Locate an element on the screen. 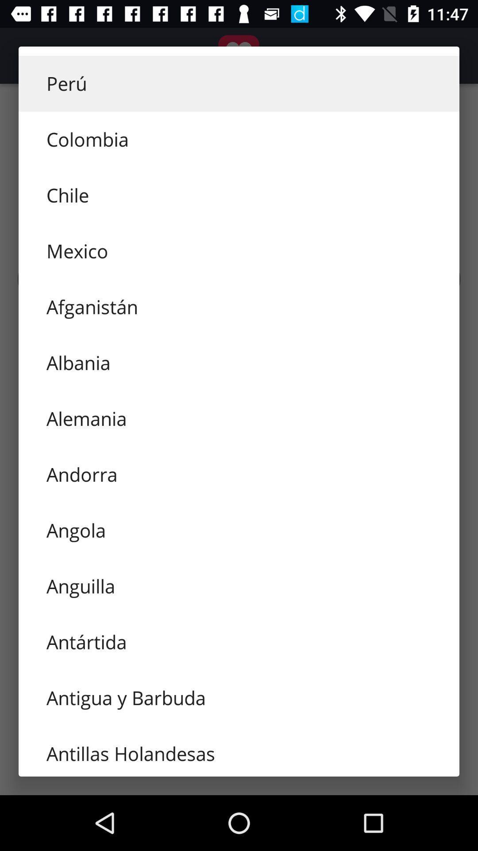 Image resolution: width=478 pixels, height=851 pixels. angola icon is located at coordinates (239, 530).